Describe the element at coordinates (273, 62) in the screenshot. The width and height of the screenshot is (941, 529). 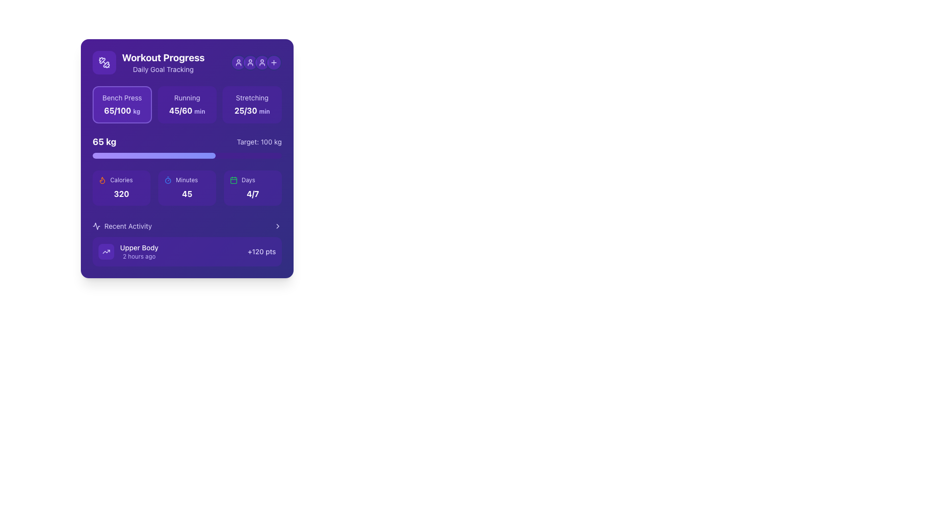
I see `the plus icon button, which is the fourth circular button in the top-right corner of the 'Workout Progress' panel` at that location.